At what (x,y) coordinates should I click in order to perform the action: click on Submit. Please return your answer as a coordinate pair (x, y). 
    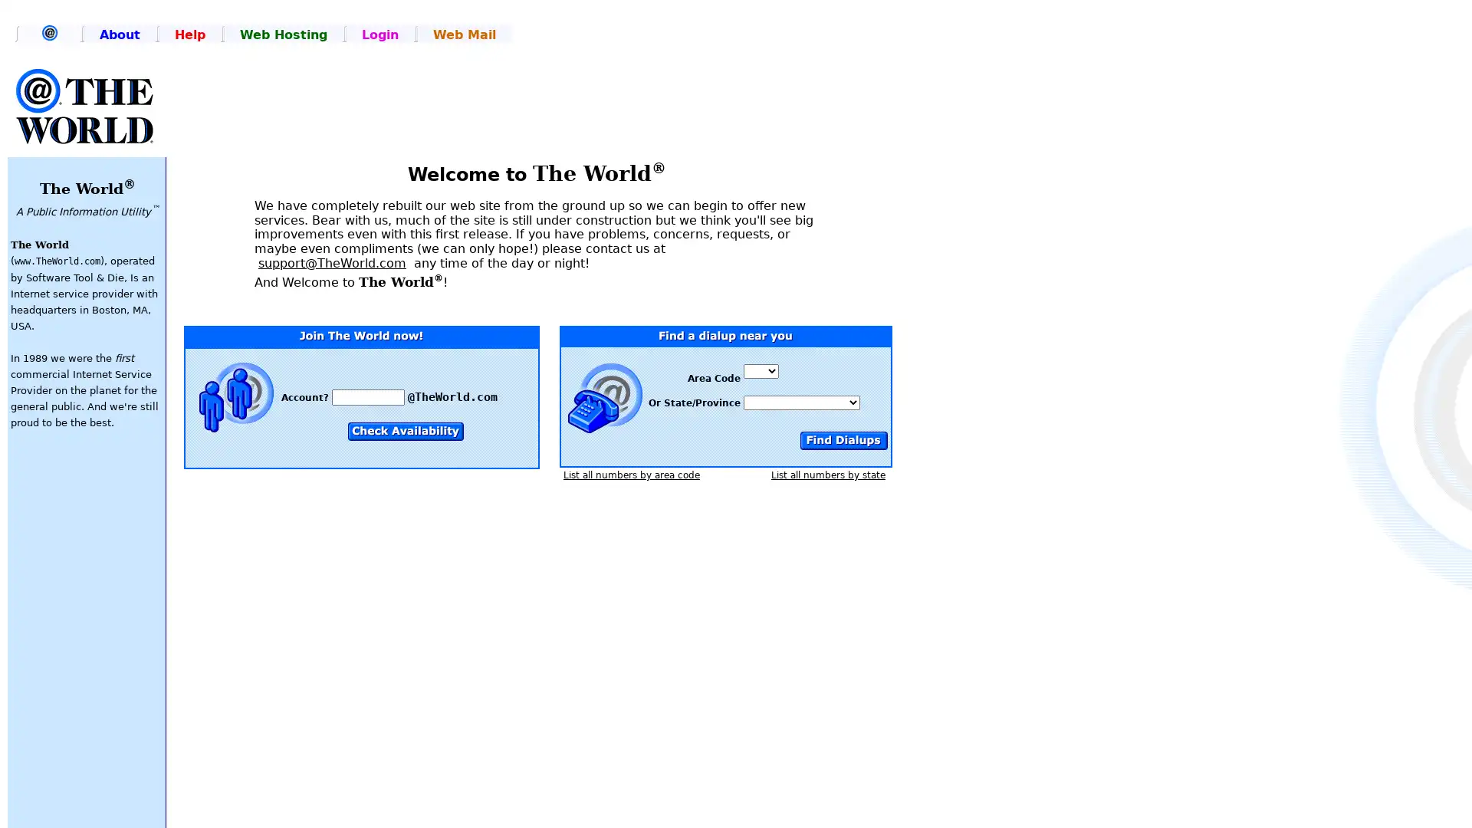
    Looking at the image, I should click on (842, 440).